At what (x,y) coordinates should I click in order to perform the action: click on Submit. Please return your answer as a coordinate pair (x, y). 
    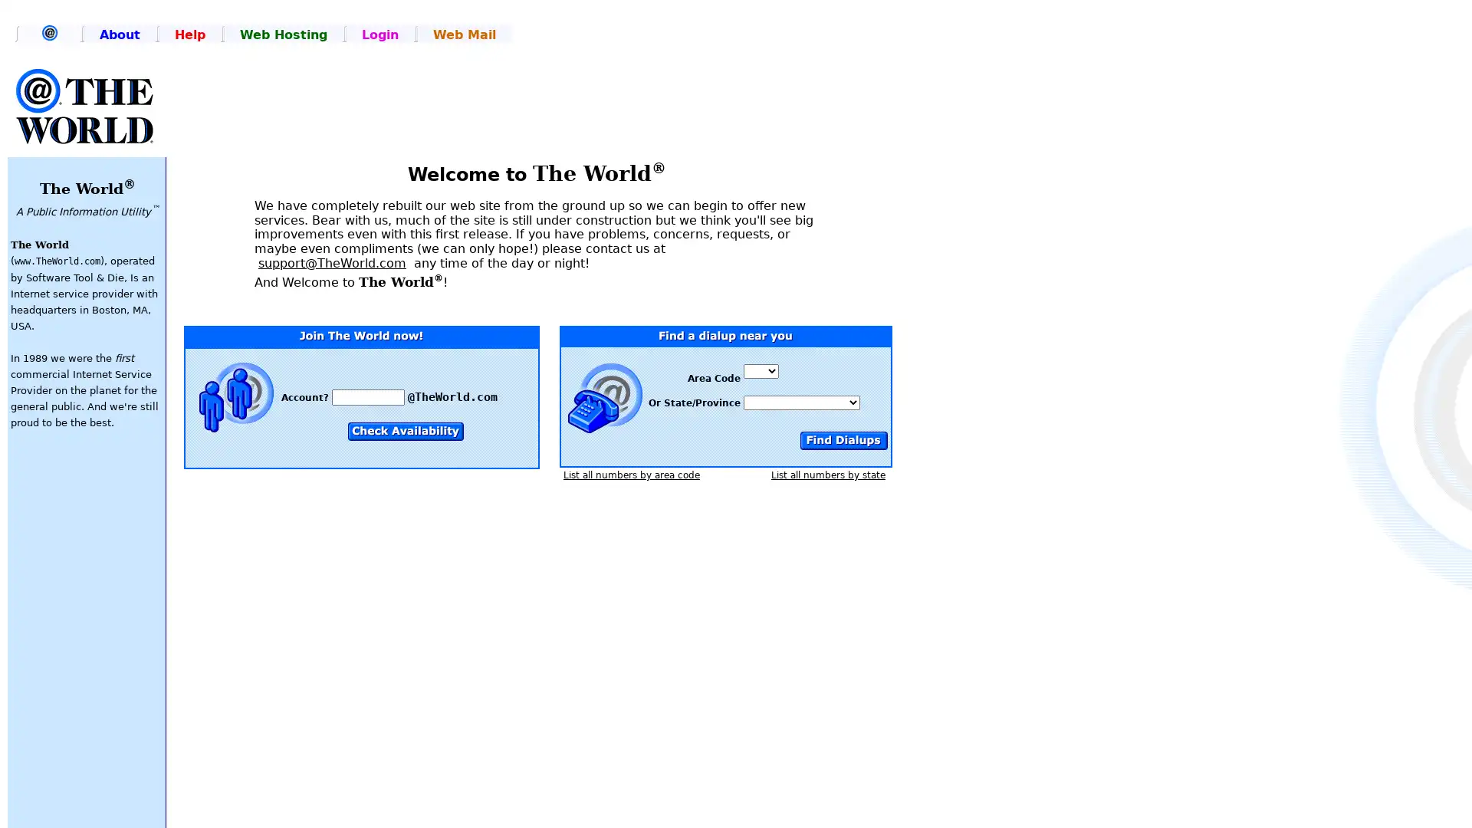
    Looking at the image, I should click on (842, 440).